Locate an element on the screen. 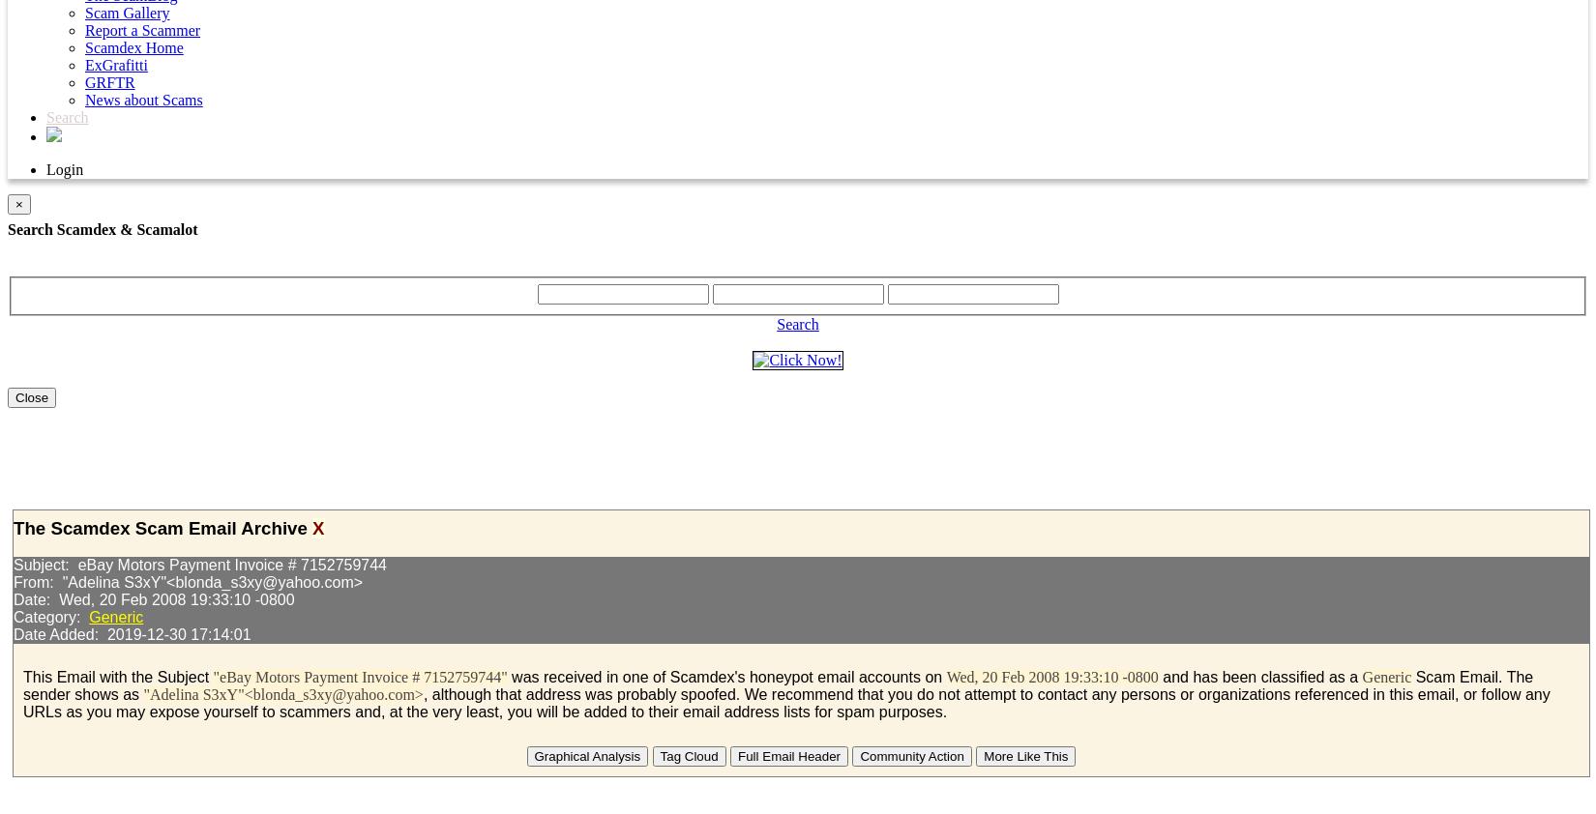 The height and width of the screenshot is (814, 1596). 'Category:' is located at coordinates (50, 617).